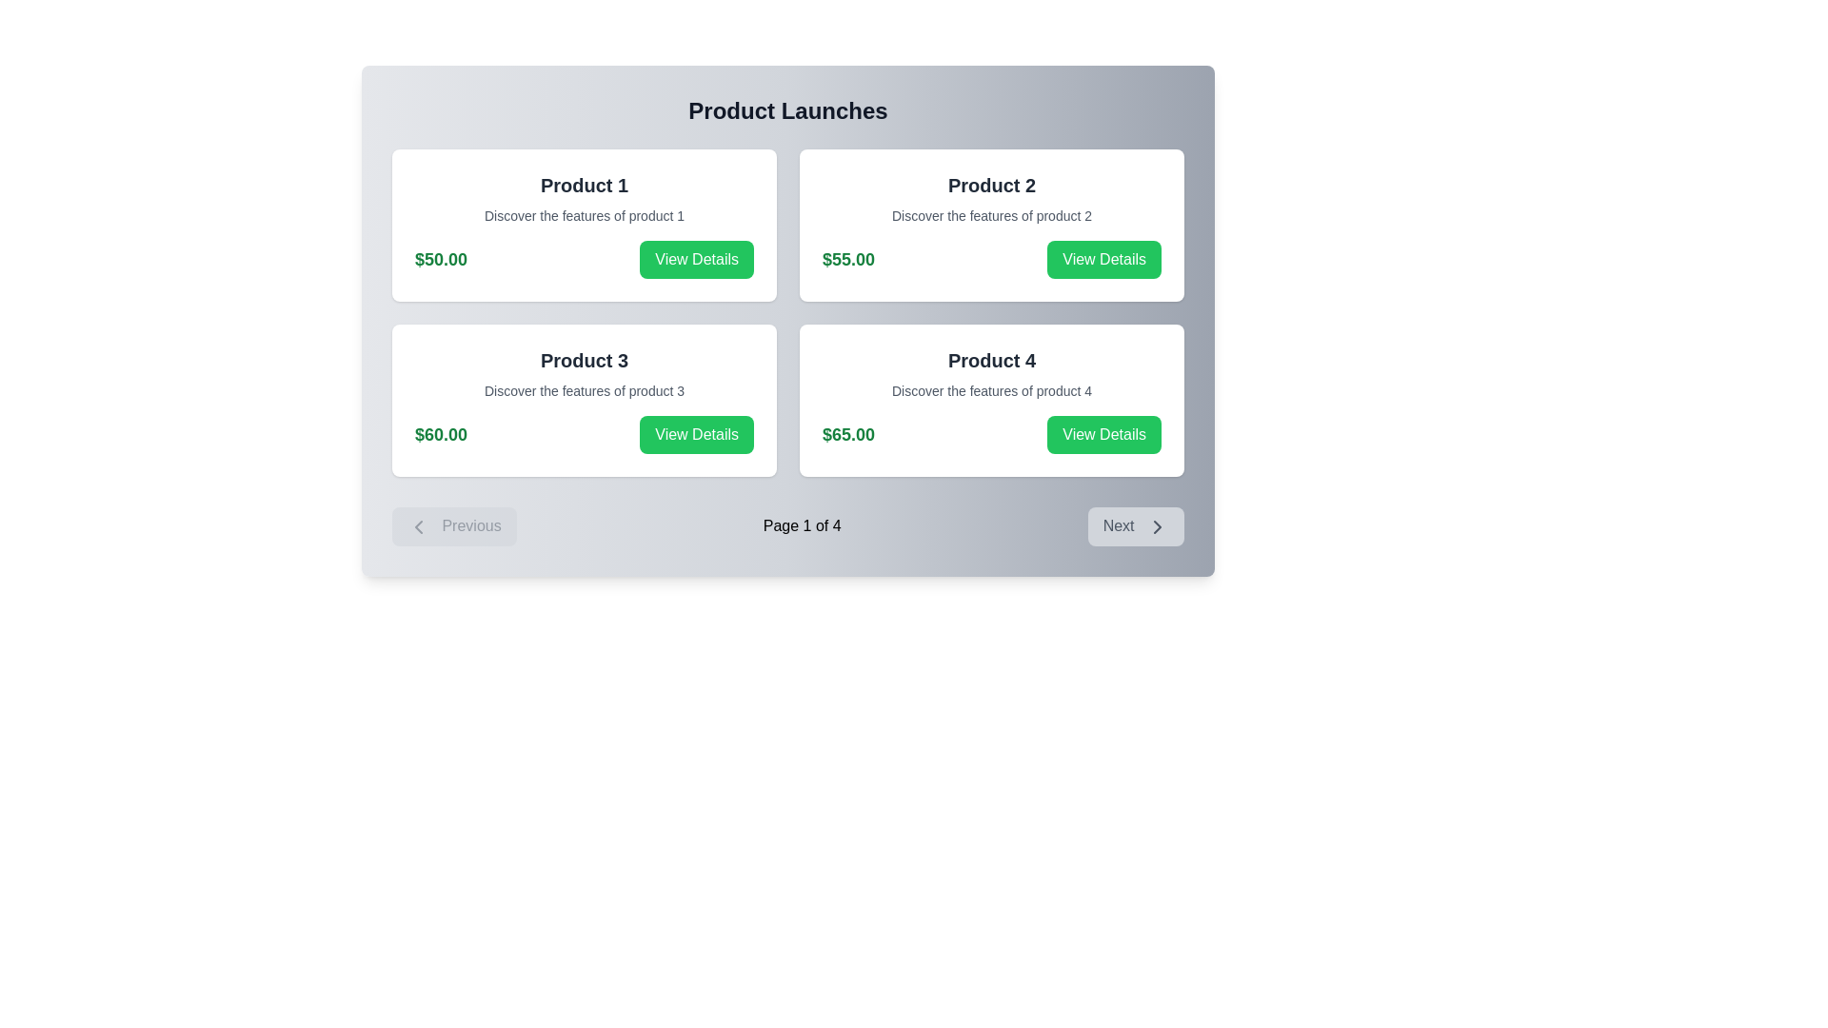  Describe the element at coordinates (696, 260) in the screenshot. I see `the green 'View Details' button with rounded corners to observe the styling change in the top-left section of the product card grid` at that location.